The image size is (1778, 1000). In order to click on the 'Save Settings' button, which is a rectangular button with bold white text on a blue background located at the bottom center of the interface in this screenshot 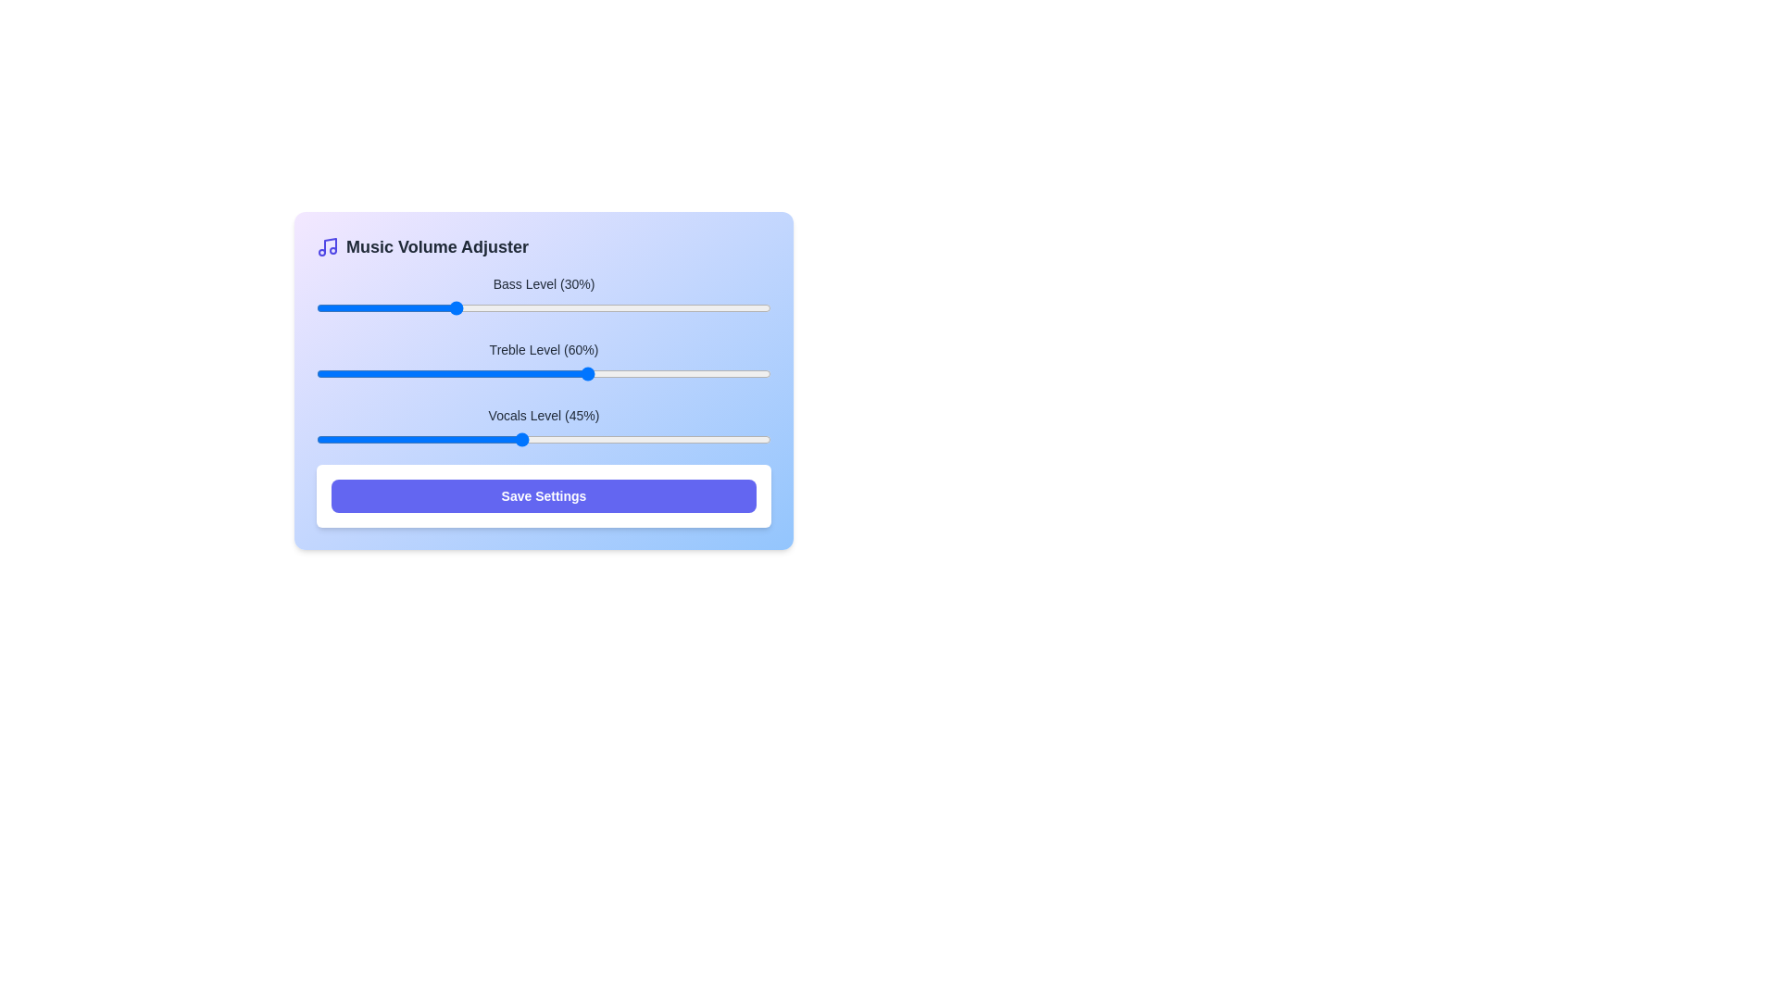, I will do `click(543, 495)`.